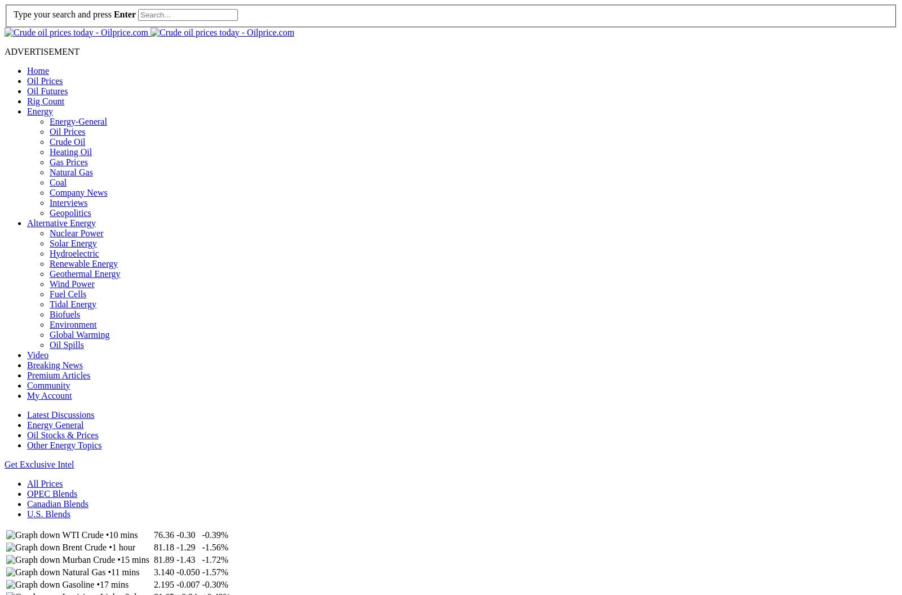  Describe the element at coordinates (41, 50) in the screenshot. I see `'ADVERTISEMENT'` at that location.